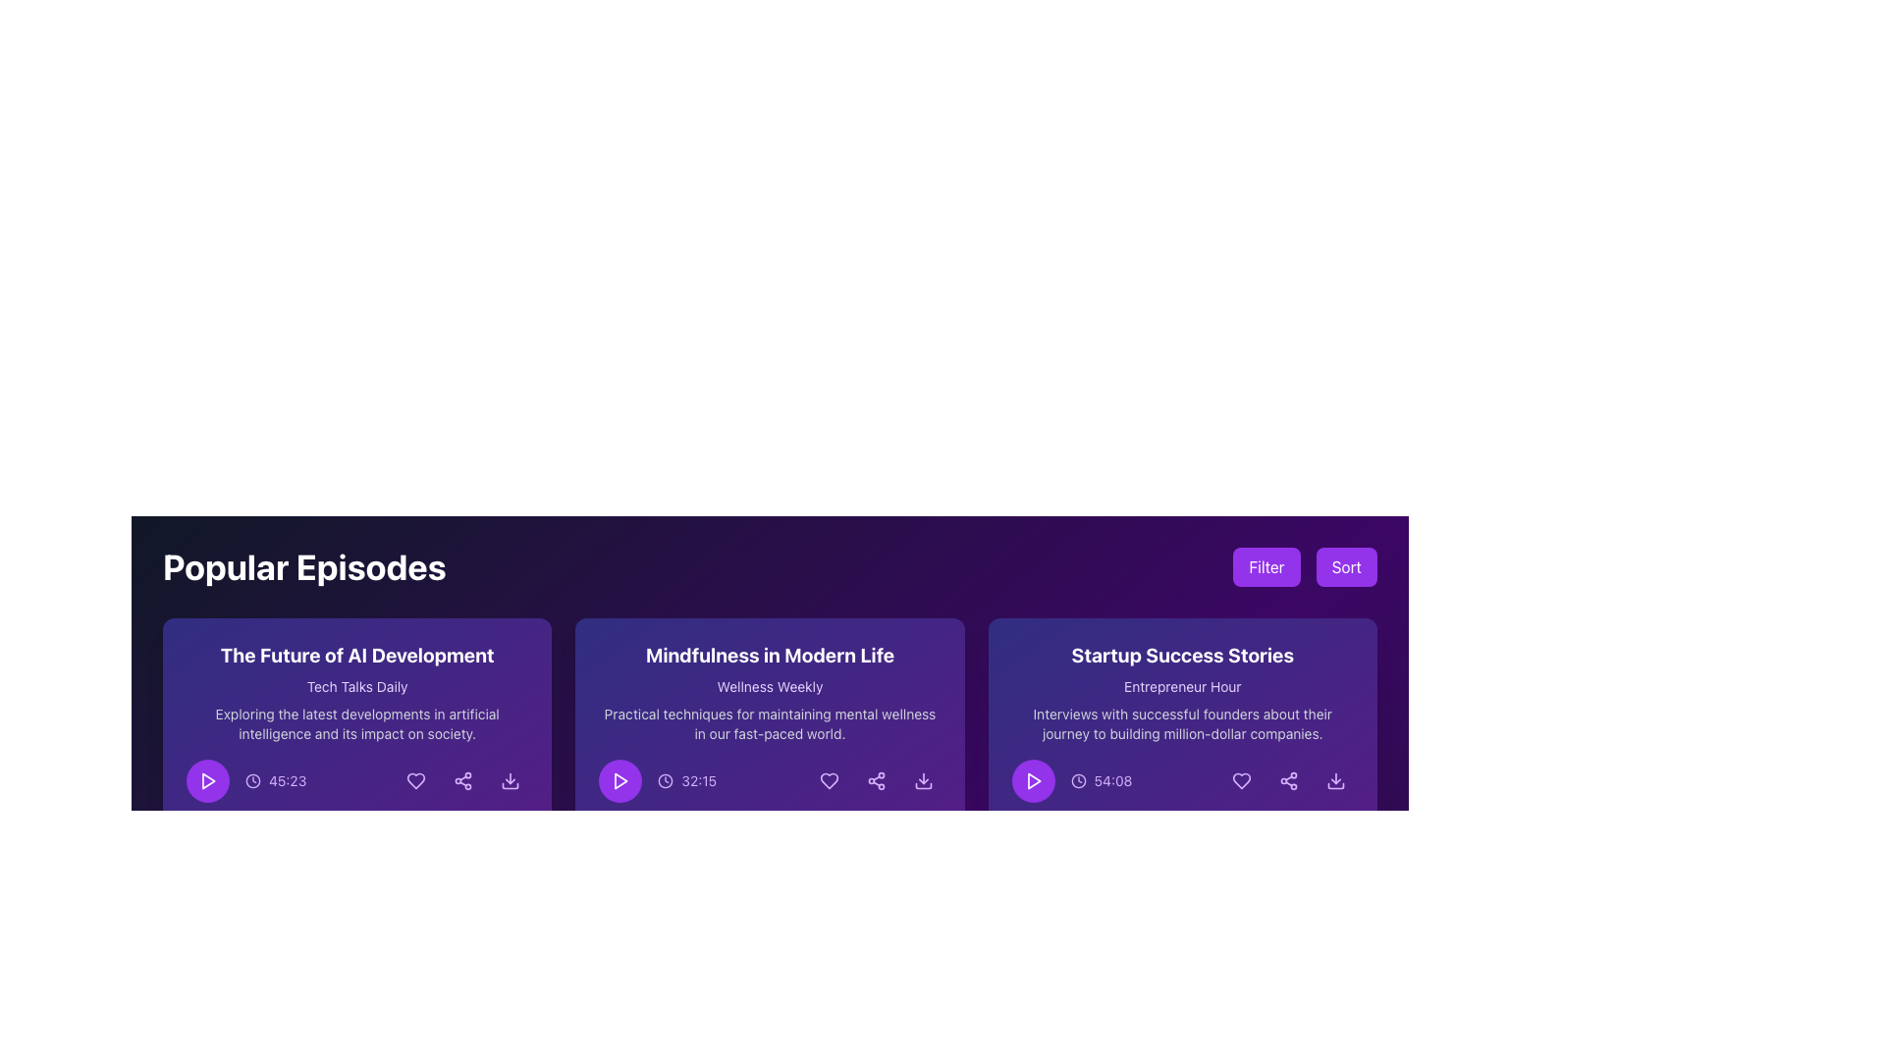  I want to click on the text element containing 'Practical techniques for maintaining mental wellness in our fast-paced world.' which is located within the 'Mindfulness in Modern Life' card under the 'Wellness Weekly' subheading, so click(769, 723).